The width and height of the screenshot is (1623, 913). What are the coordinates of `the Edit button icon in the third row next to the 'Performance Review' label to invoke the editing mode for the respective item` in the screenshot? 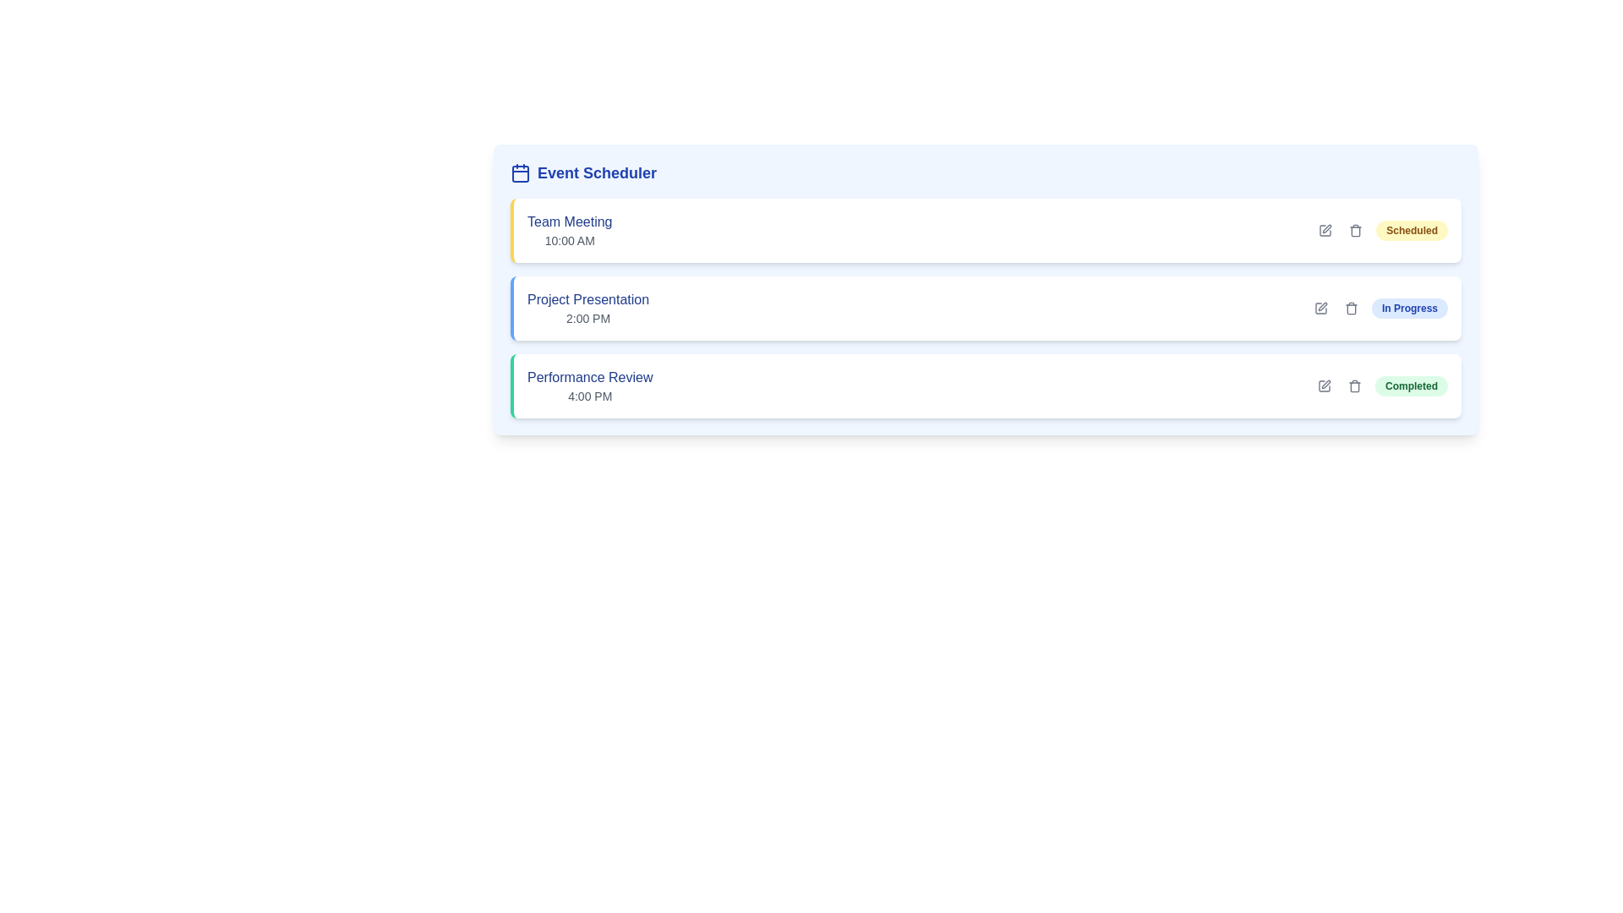 It's located at (1325, 385).